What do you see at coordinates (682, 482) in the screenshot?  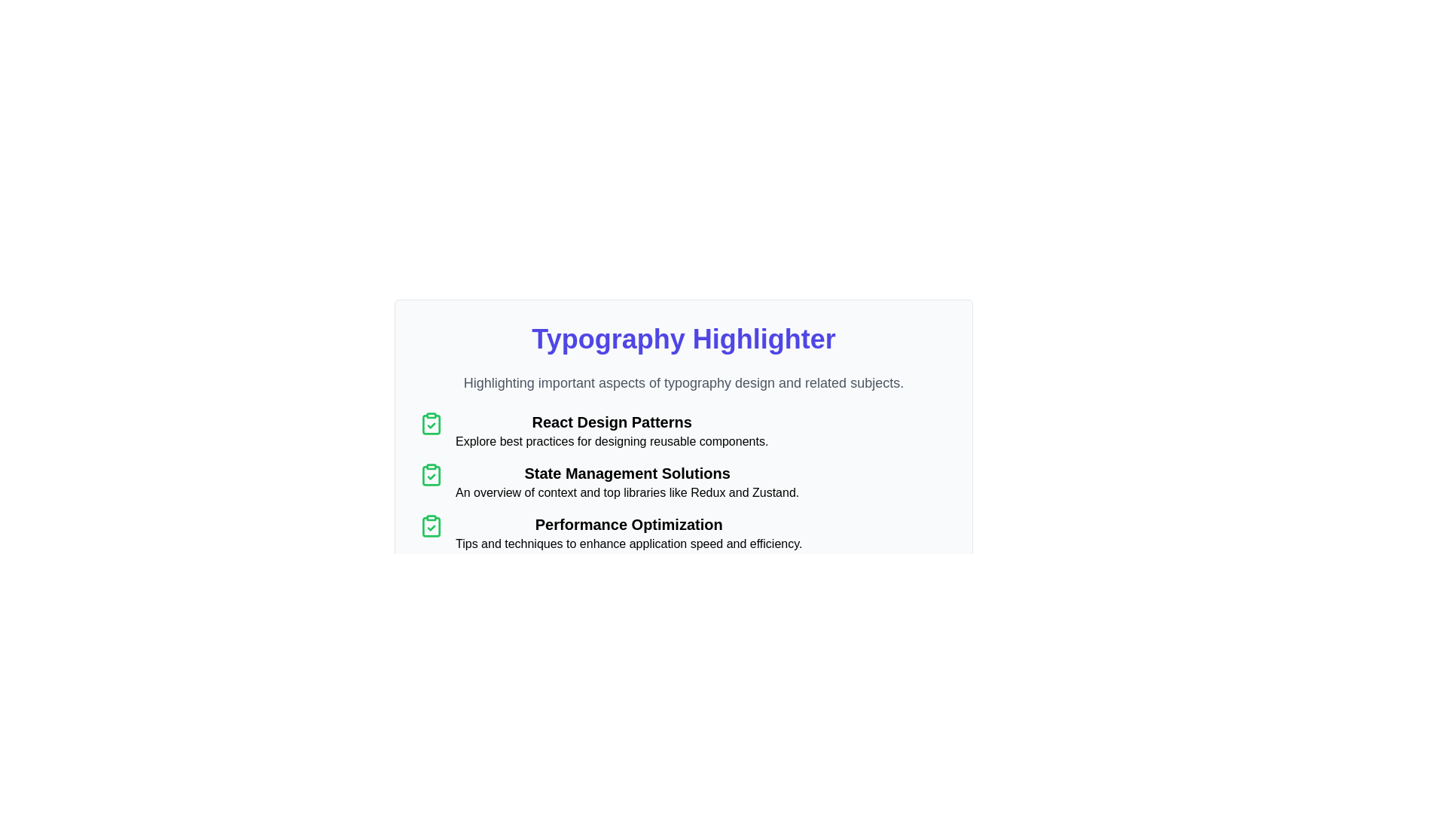 I see `the informational block that presents three key topics related to typography and web design, located centrally below the title 'Typography Highlighter'` at bounding box center [682, 482].